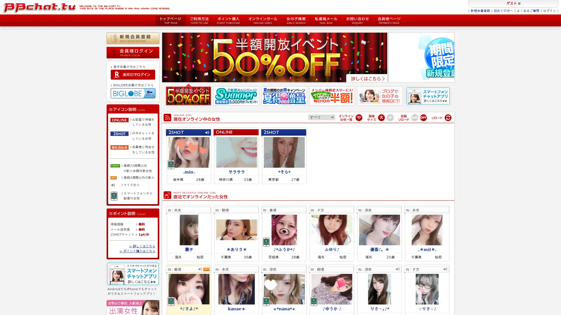 The image size is (561, 315). Describe the element at coordinates (133, 74) in the screenshot. I see `ID` at that location.